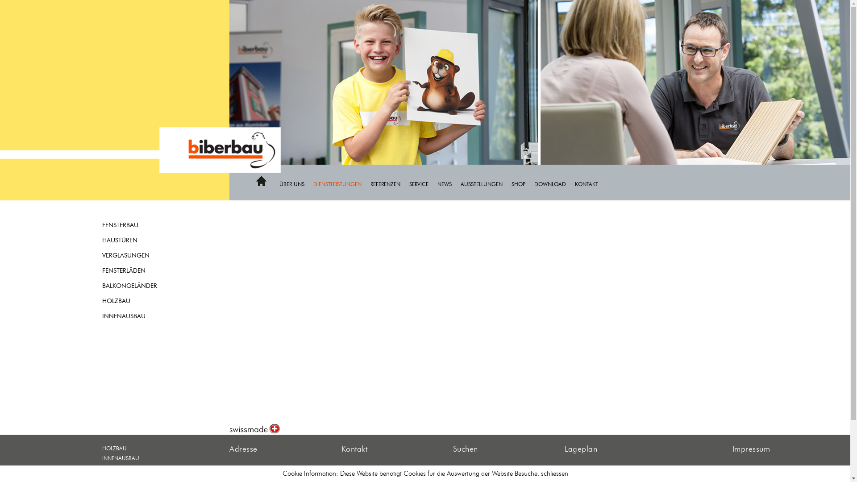  What do you see at coordinates (591, 183) in the screenshot?
I see `'KONTAKT'` at bounding box center [591, 183].